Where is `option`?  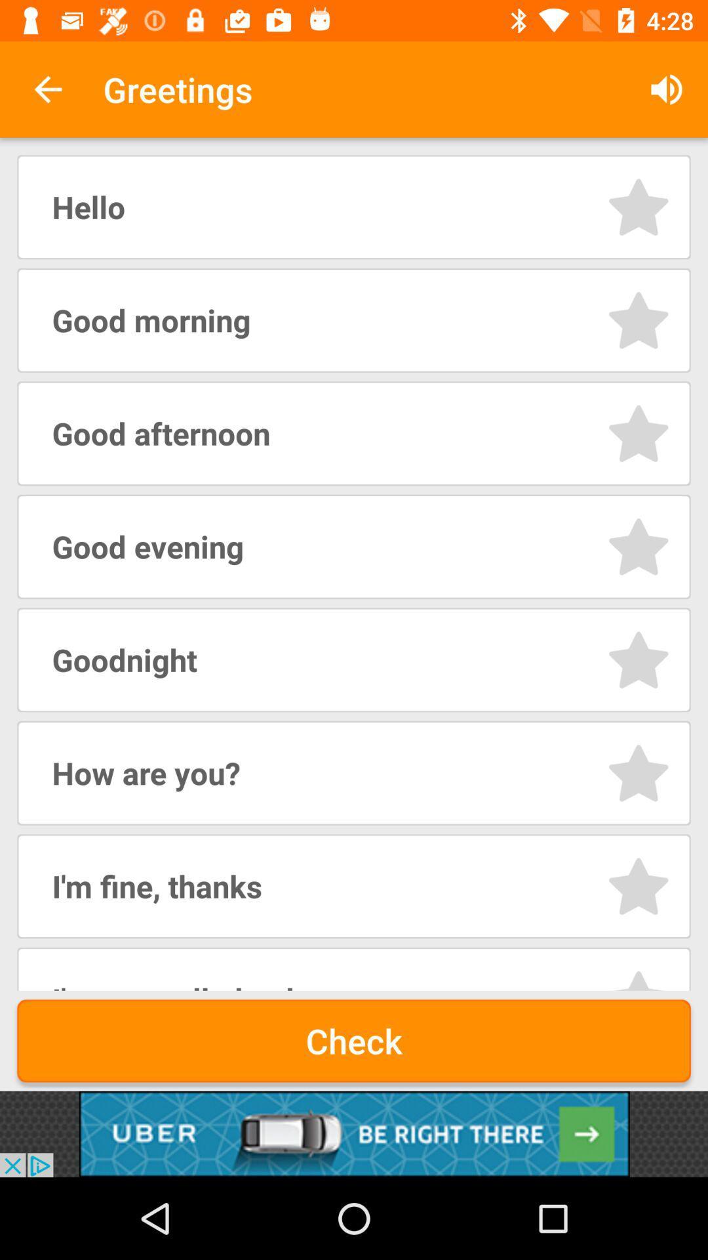
option is located at coordinates (638, 773).